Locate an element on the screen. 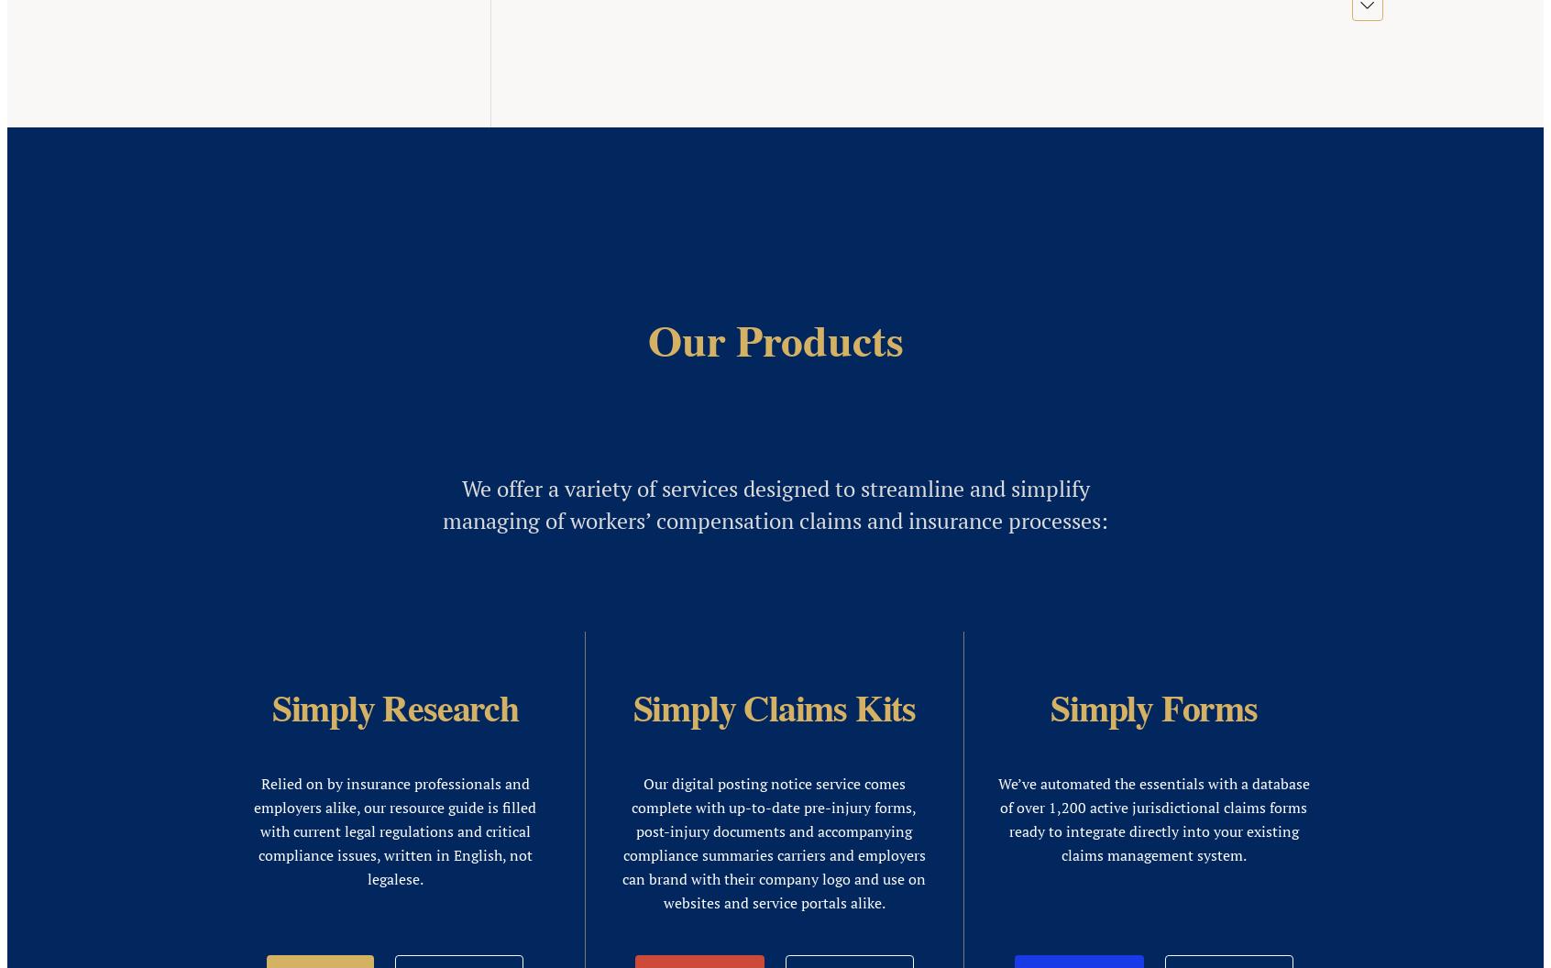  'Submit' is located at coordinates (280, 945).